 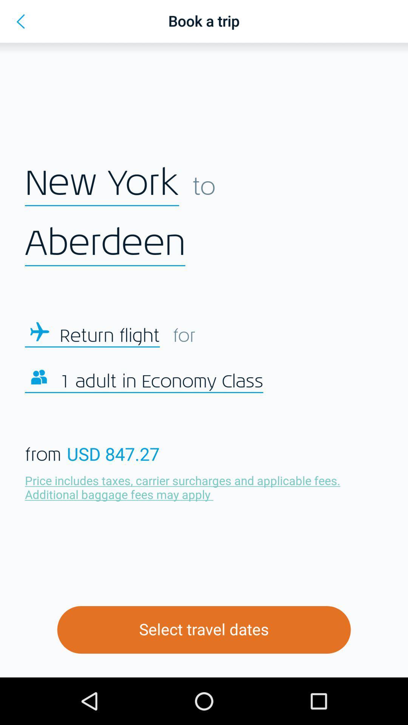 What do you see at coordinates (161, 382) in the screenshot?
I see `the 1 adult in` at bounding box center [161, 382].